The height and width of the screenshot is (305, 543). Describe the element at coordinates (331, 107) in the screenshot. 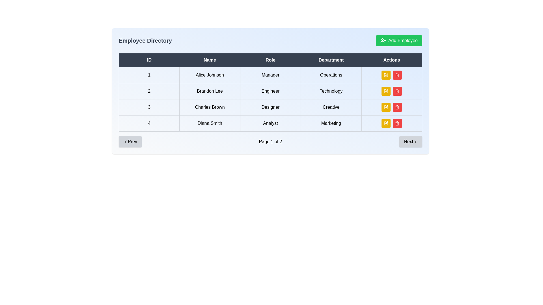

I see `the 'Creative' text label in the fourth column of the table associated with 'Charles Brown'` at that location.